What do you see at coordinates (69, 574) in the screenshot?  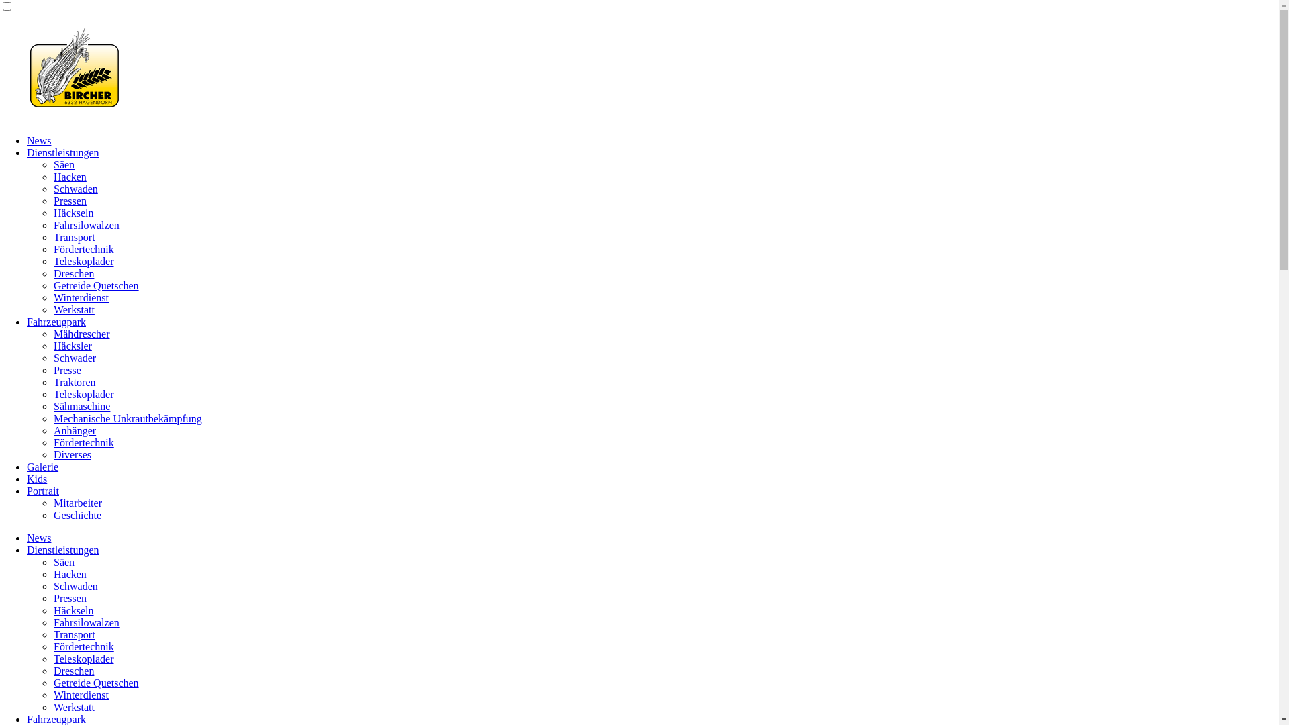 I see `'Hacken'` at bounding box center [69, 574].